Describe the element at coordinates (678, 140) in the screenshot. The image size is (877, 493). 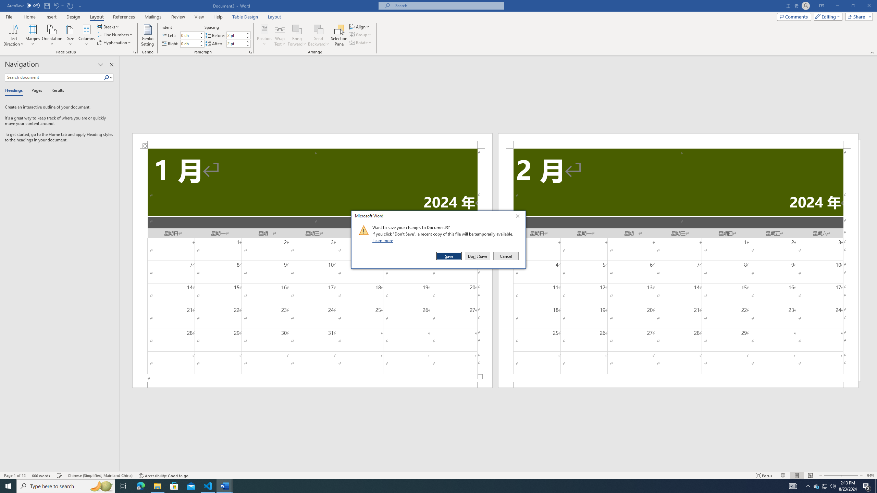
I see `'Header -Section 2-'` at that location.